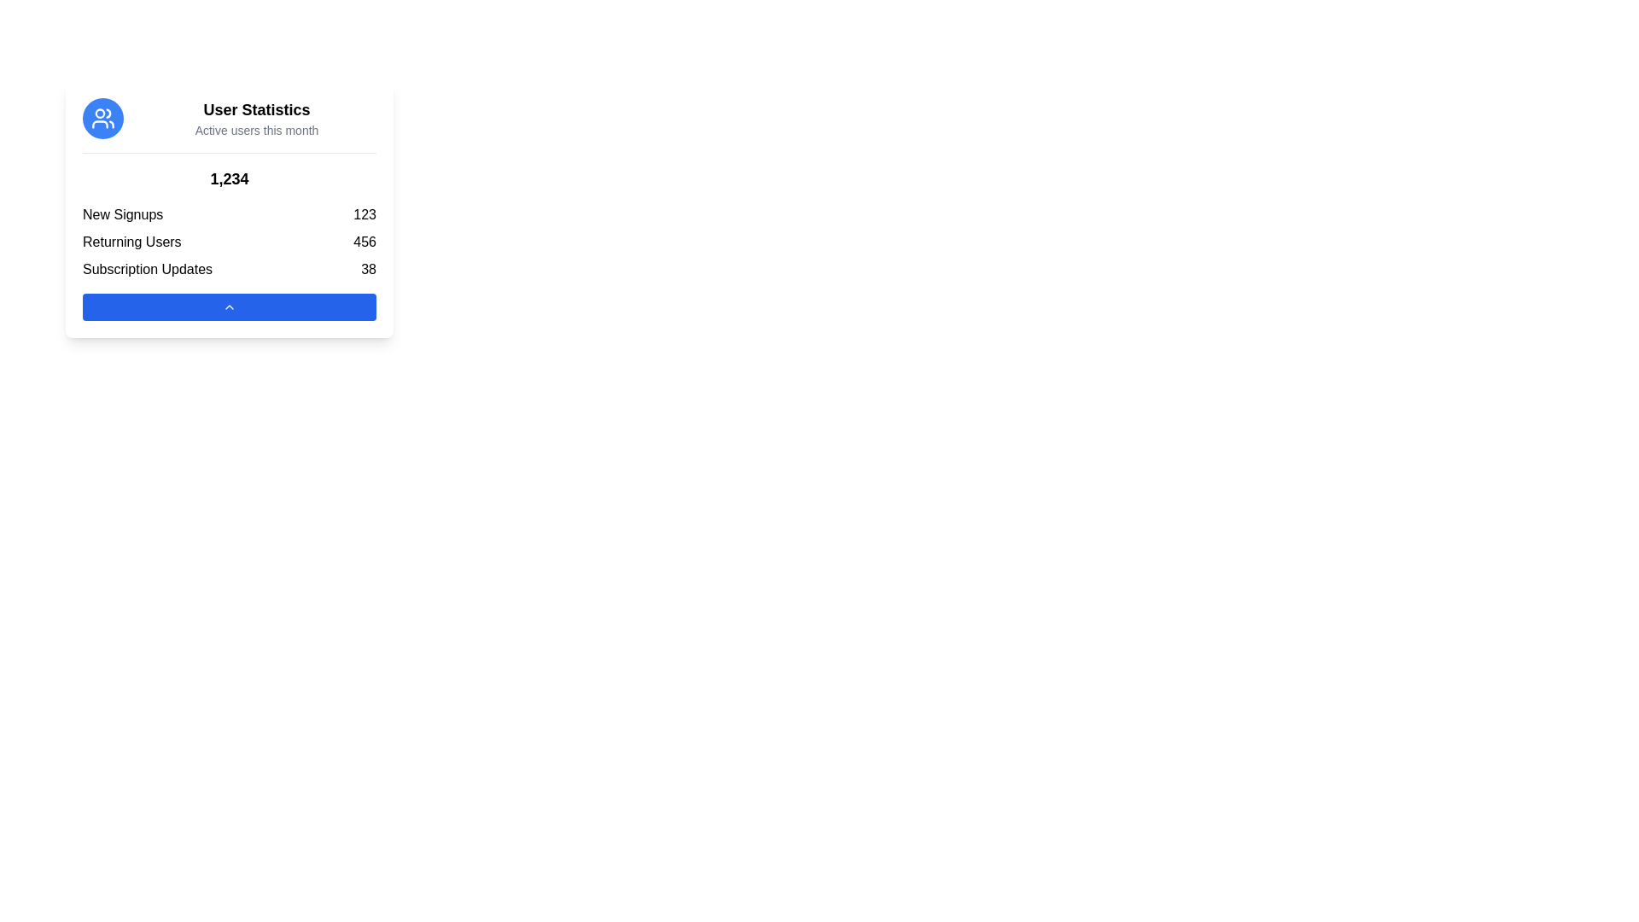 The image size is (1639, 922). I want to click on the Text Label element titled 'User Statistics', so click(256, 109).